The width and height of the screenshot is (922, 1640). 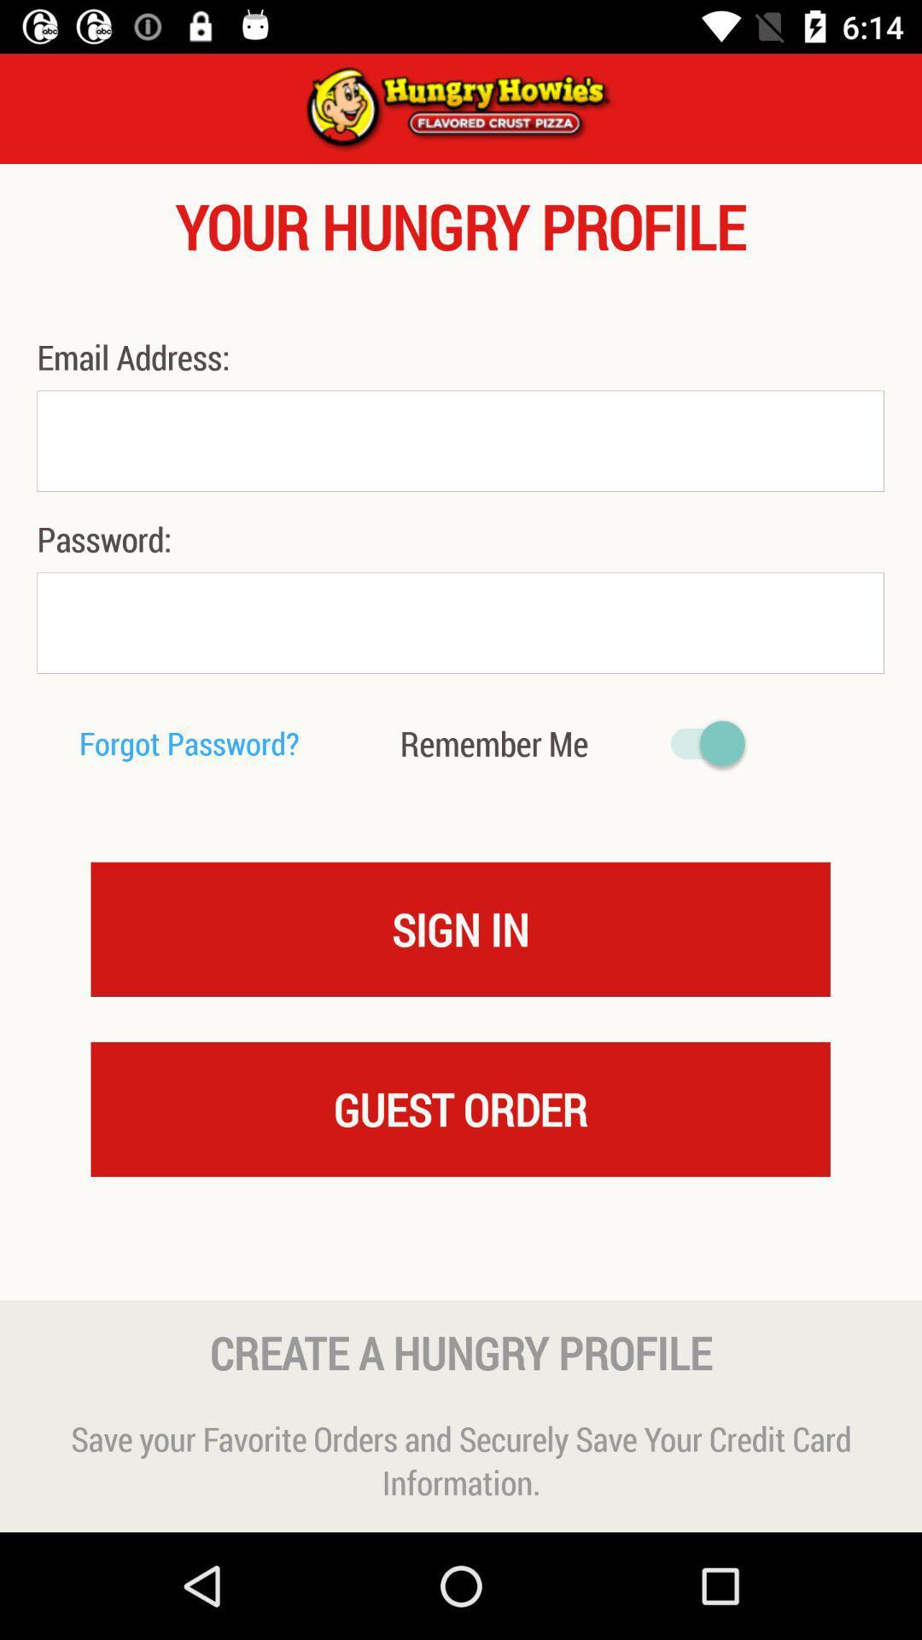 What do you see at coordinates (459, 441) in the screenshot?
I see `email address` at bounding box center [459, 441].